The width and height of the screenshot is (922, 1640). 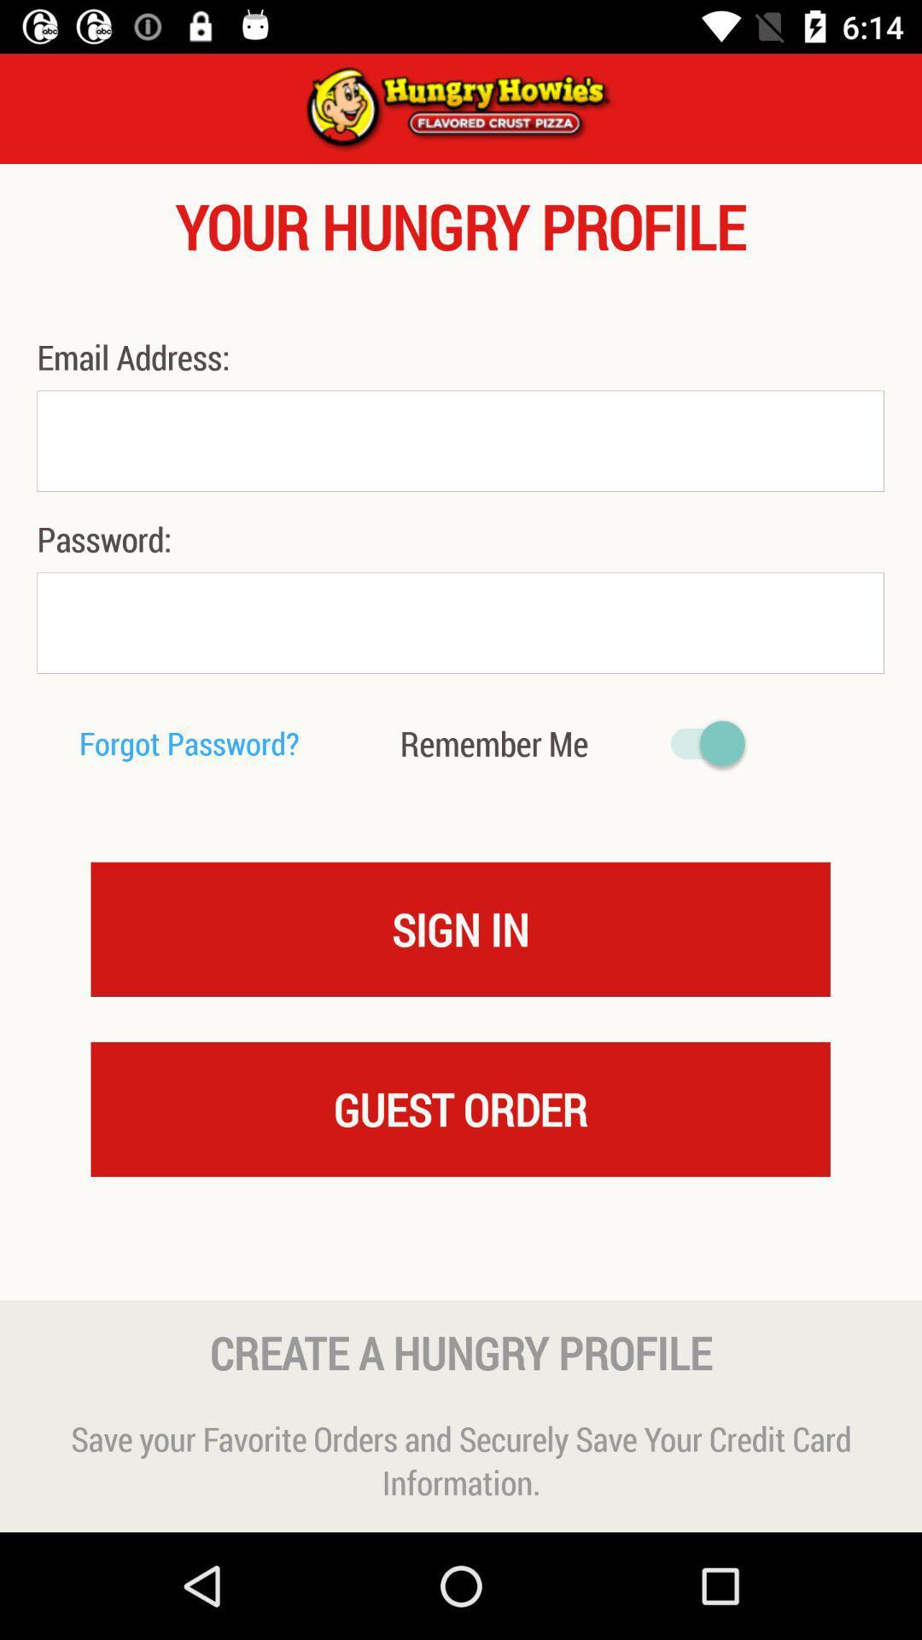 What do you see at coordinates (459, 441) in the screenshot?
I see `email address` at bounding box center [459, 441].